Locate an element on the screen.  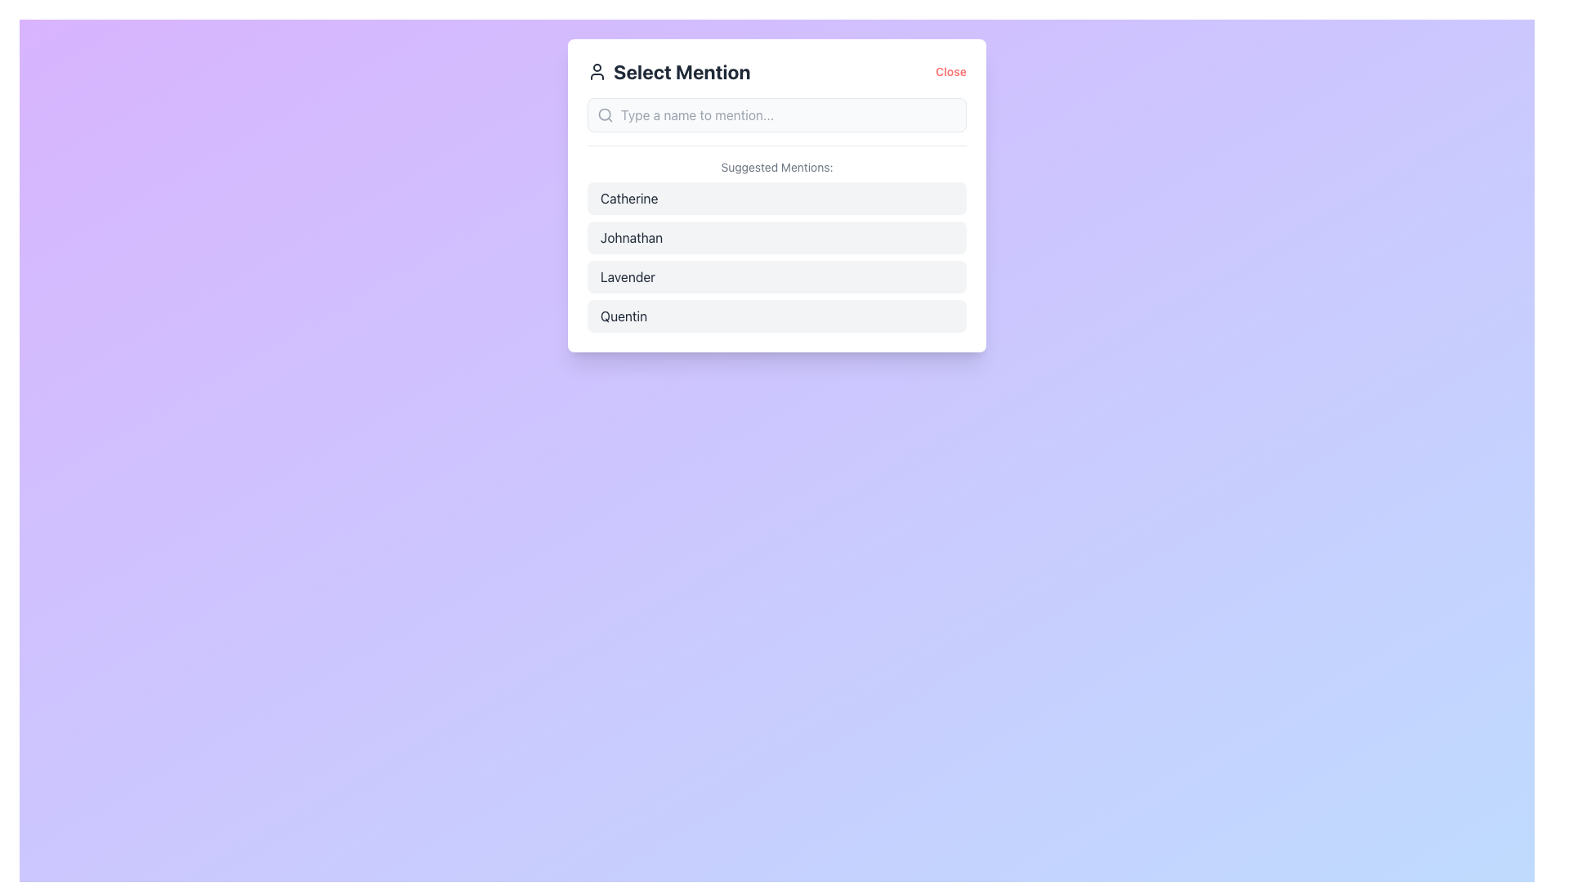
the user profile icon located at the top left of the modal interface, directly to the left of the text 'Select Mention' is located at coordinates (596, 71).